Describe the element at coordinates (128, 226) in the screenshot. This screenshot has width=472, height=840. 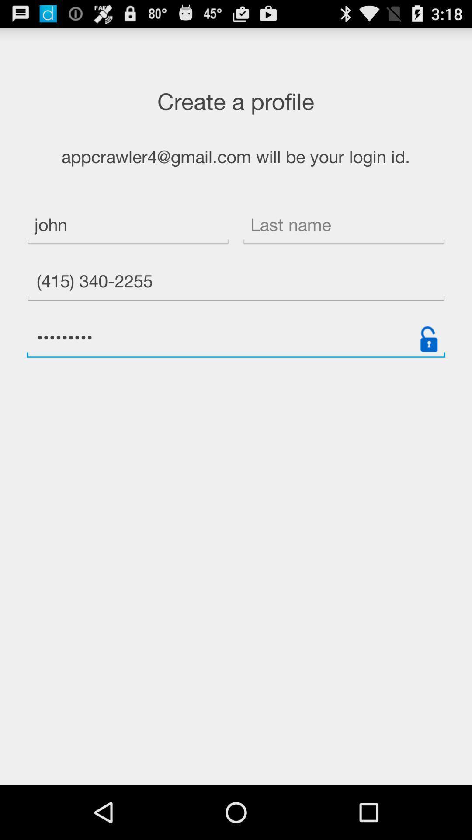
I see `the icon below the appcrawler4 gmail com item` at that location.